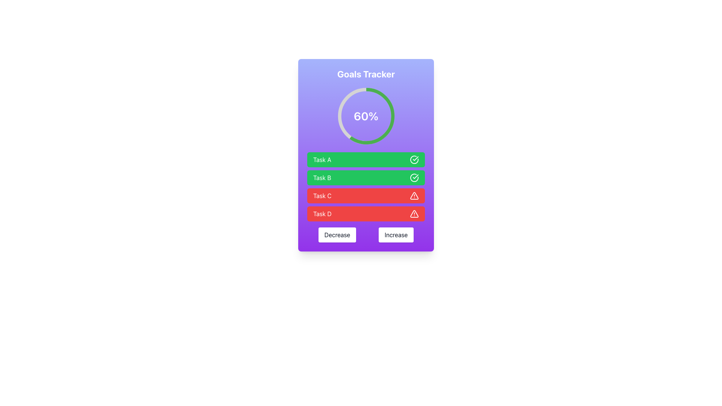 This screenshot has width=722, height=406. Describe the element at coordinates (415, 158) in the screenshot. I see `the checkmark icon located on the right side of the green bar labeled 'Task B', which is the second bar in a vertical list of four bars` at that location.